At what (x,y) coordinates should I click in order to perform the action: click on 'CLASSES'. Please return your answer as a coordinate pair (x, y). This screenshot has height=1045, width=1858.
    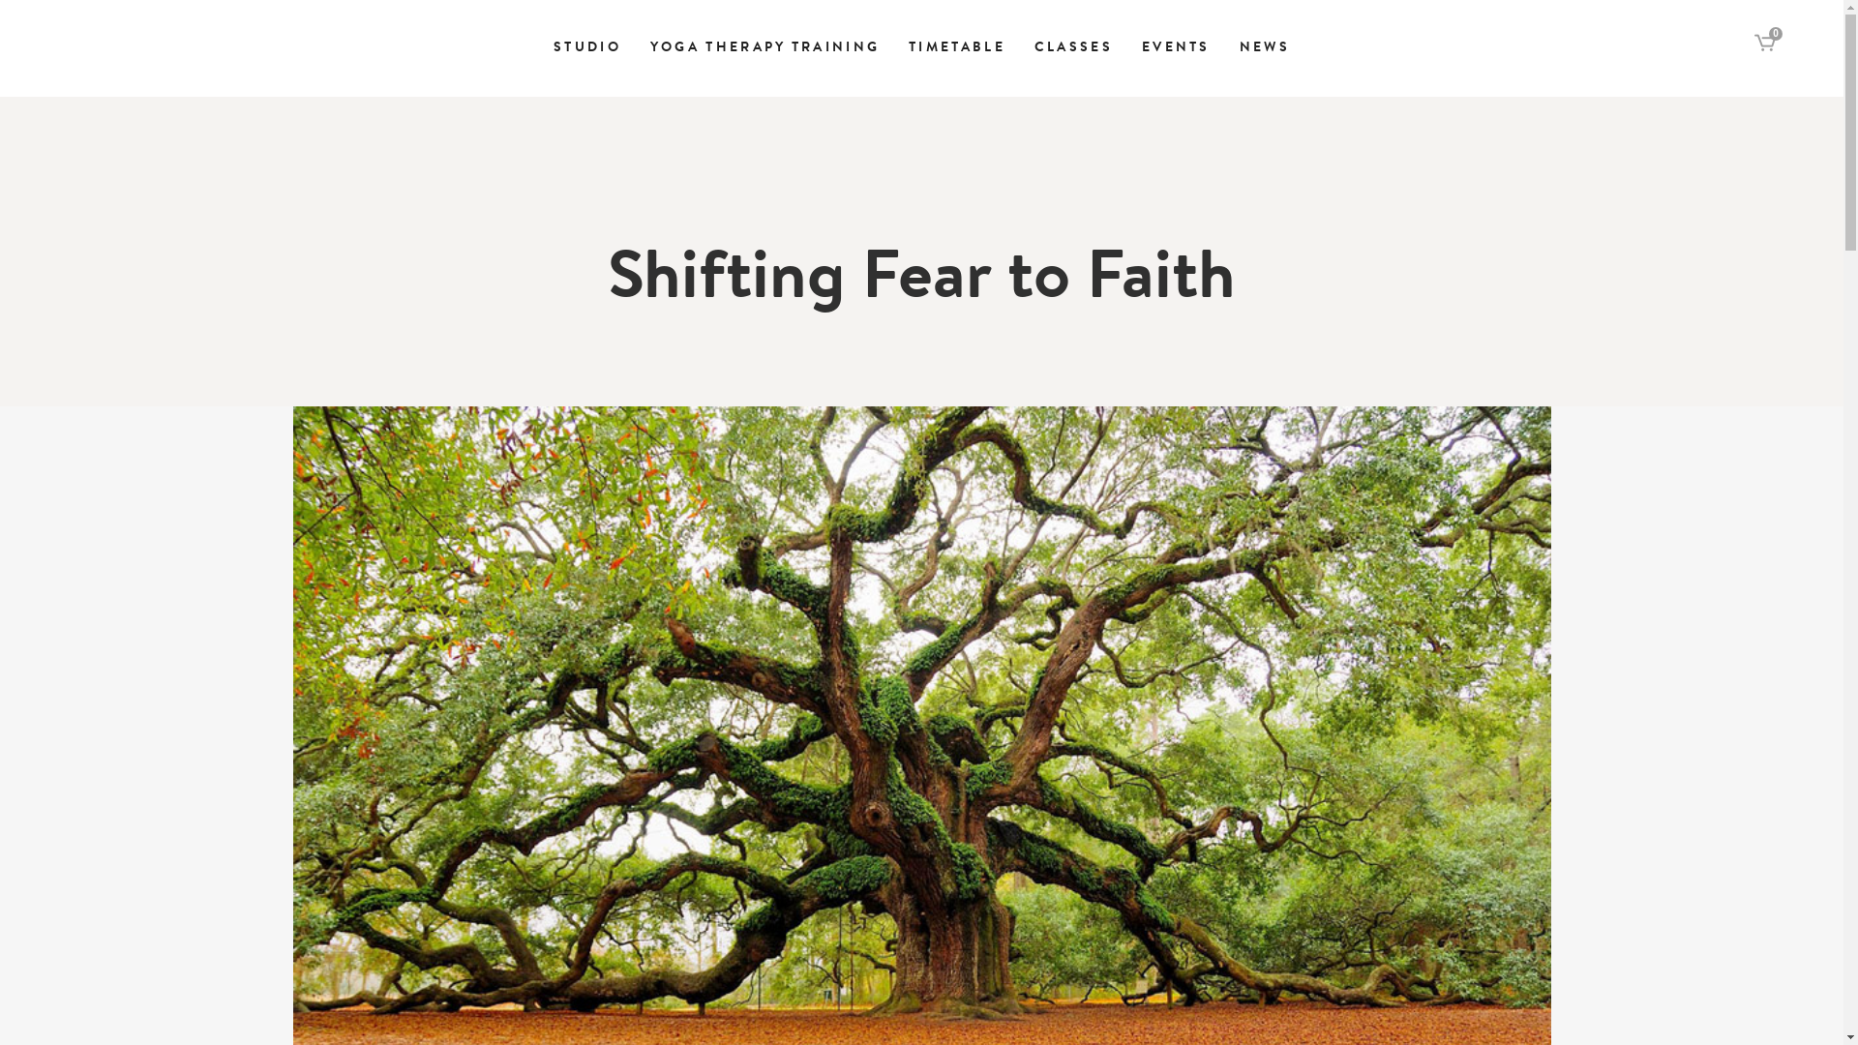
    Looking at the image, I should click on (1072, 47).